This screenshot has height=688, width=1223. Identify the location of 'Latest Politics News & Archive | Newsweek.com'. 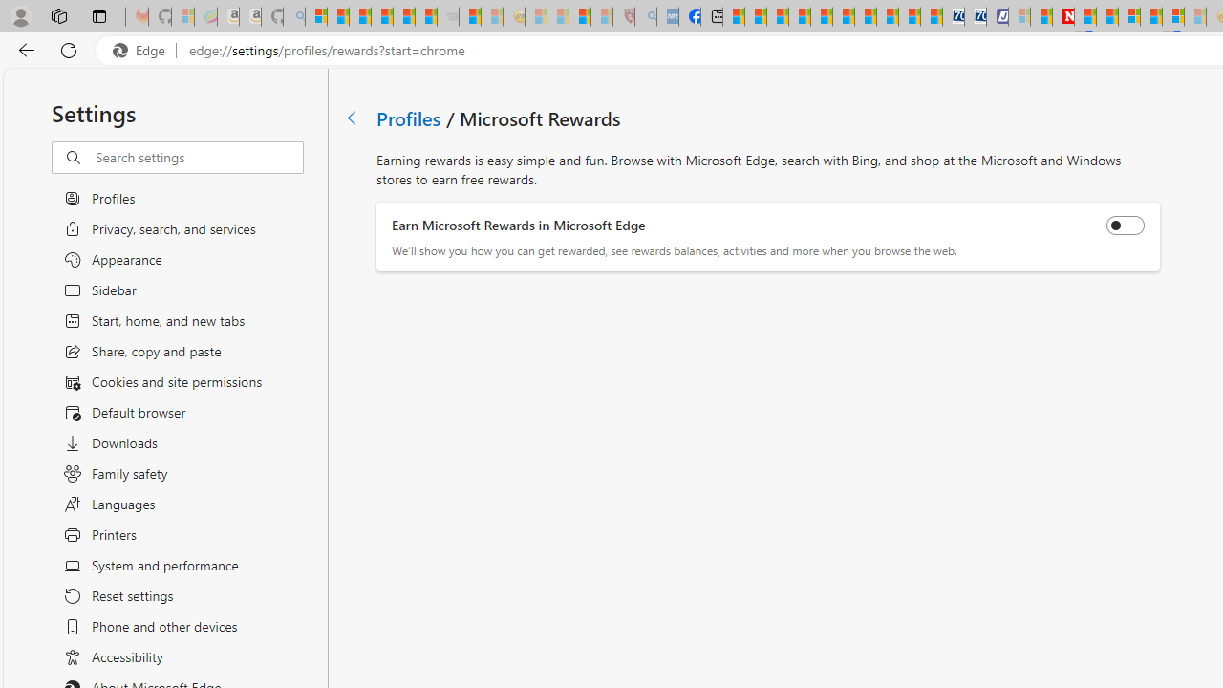
(1062, 16).